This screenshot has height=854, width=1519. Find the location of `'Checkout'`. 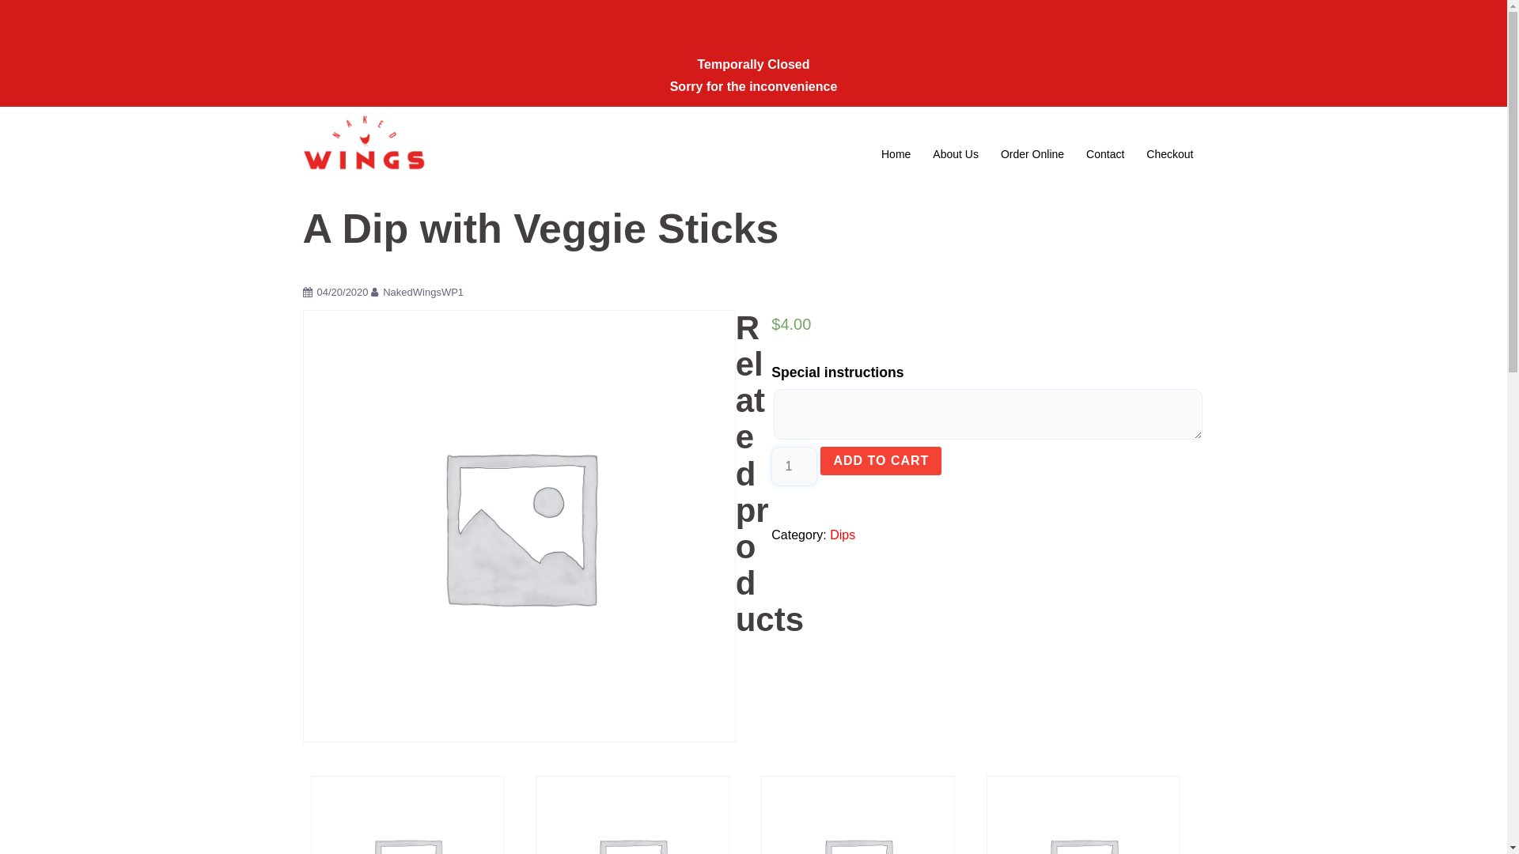

'Checkout' is located at coordinates (1169, 154).